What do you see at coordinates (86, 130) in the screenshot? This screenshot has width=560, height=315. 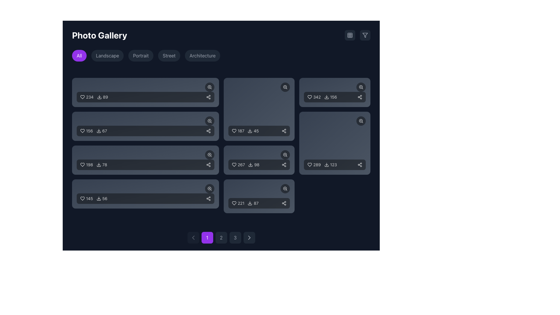 I see `the heart icon associated with the text label displaying the number '156' to like or unlike` at bounding box center [86, 130].